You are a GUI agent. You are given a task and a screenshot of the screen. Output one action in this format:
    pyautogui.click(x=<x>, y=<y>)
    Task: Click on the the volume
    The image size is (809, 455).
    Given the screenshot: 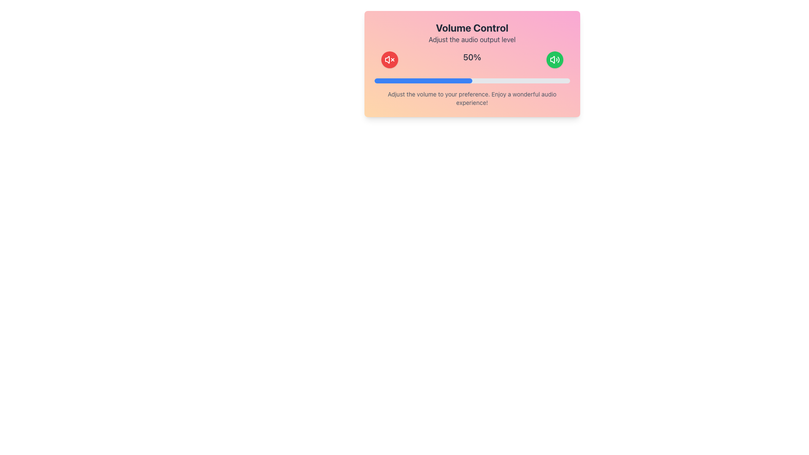 What is the action you would take?
    pyautogui.click(x=427, y=81)
    